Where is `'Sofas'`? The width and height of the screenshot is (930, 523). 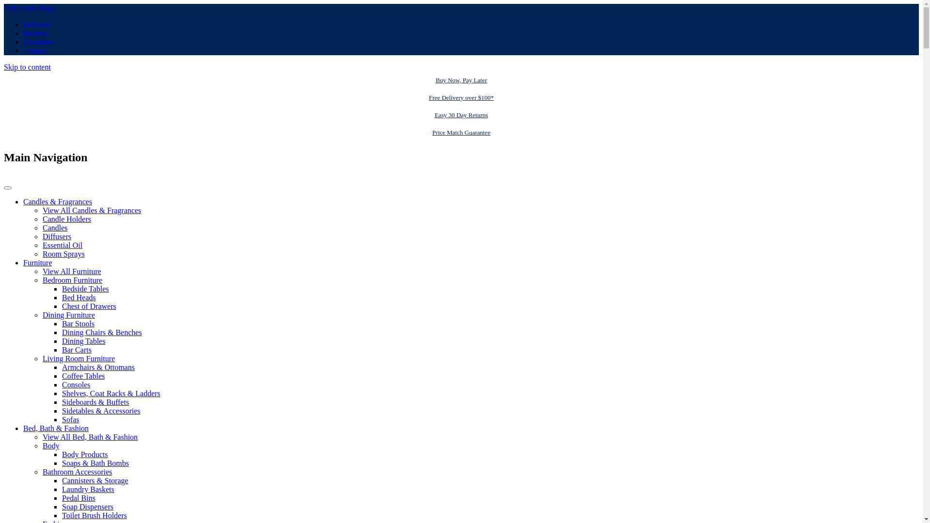
'Sofas' is located at coordinates (62, 419).